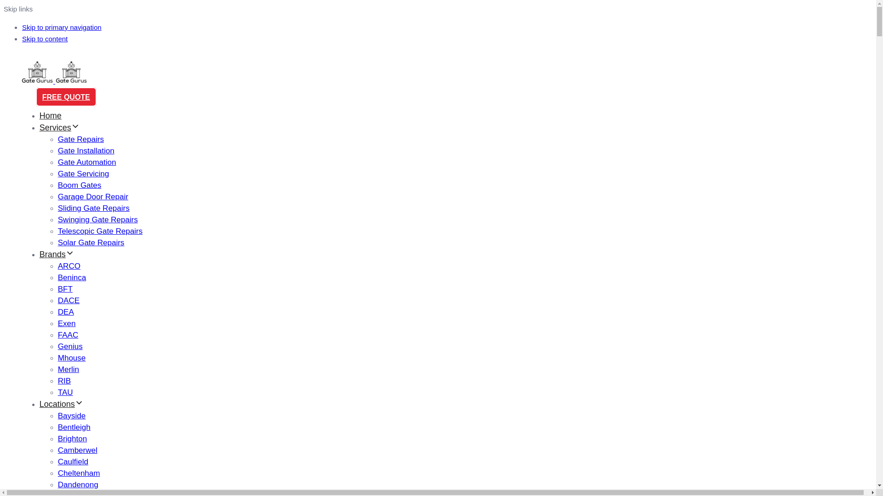 Image resolution: width=883 pixels, height=496 pixels. Describe the element at coordinates (66, 97) in the screenshot. I see `'FREE QUOTE'` at that location.